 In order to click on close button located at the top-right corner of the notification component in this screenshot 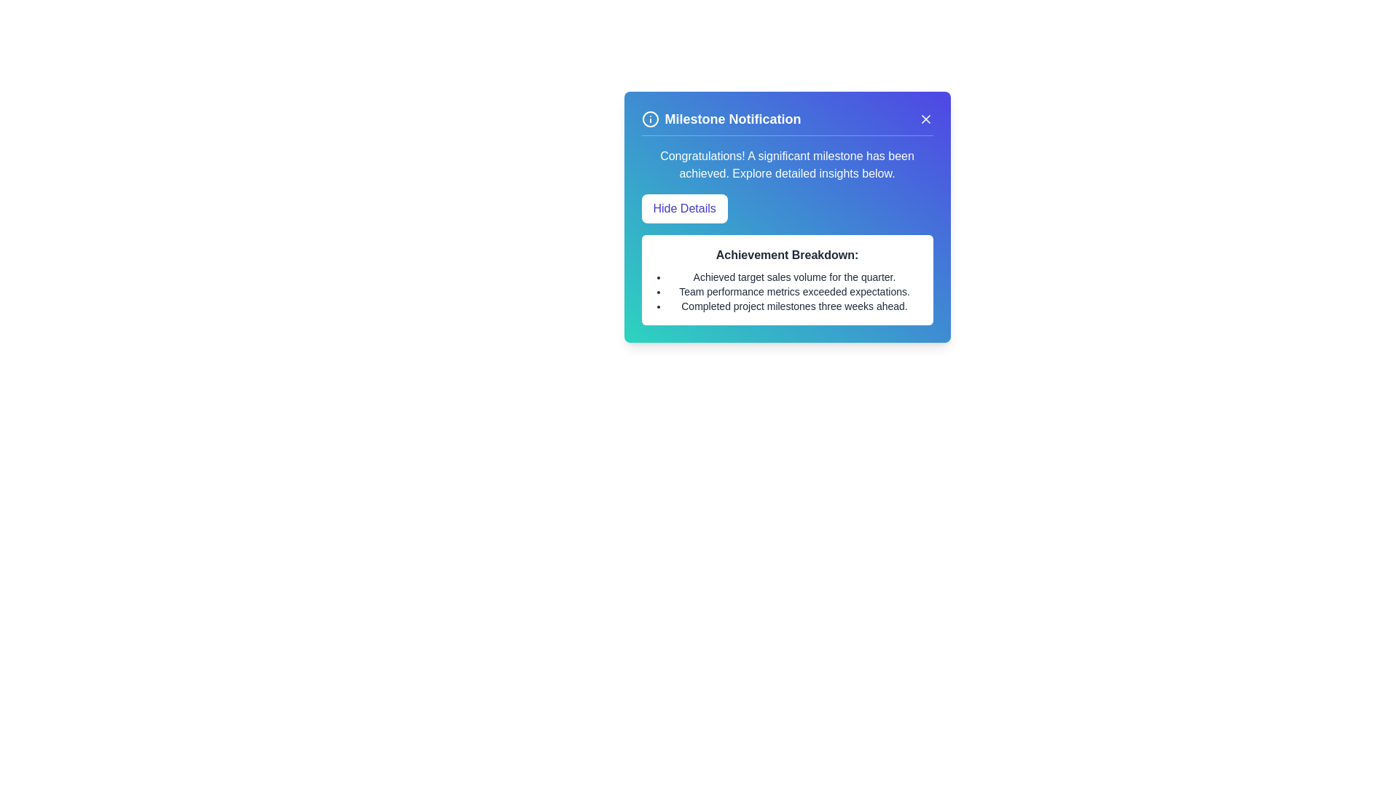, I will do `click(925, 119)`.